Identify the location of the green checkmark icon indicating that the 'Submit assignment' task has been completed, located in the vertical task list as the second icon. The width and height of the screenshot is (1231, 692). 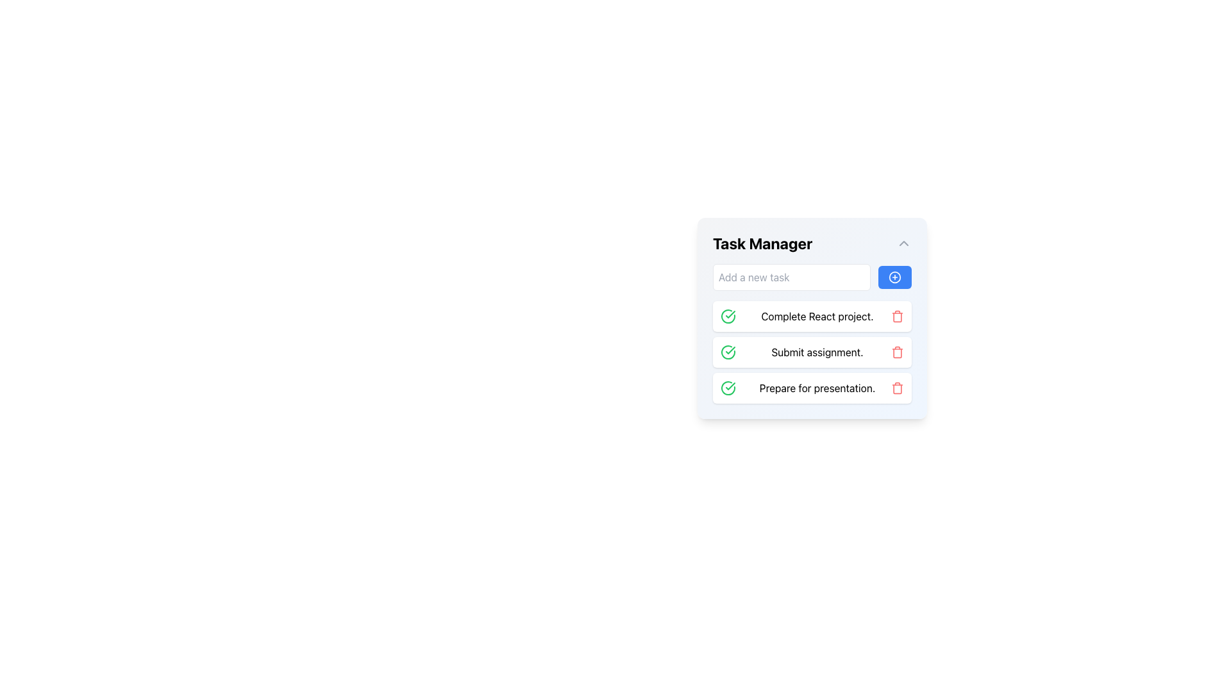
(728, 352).